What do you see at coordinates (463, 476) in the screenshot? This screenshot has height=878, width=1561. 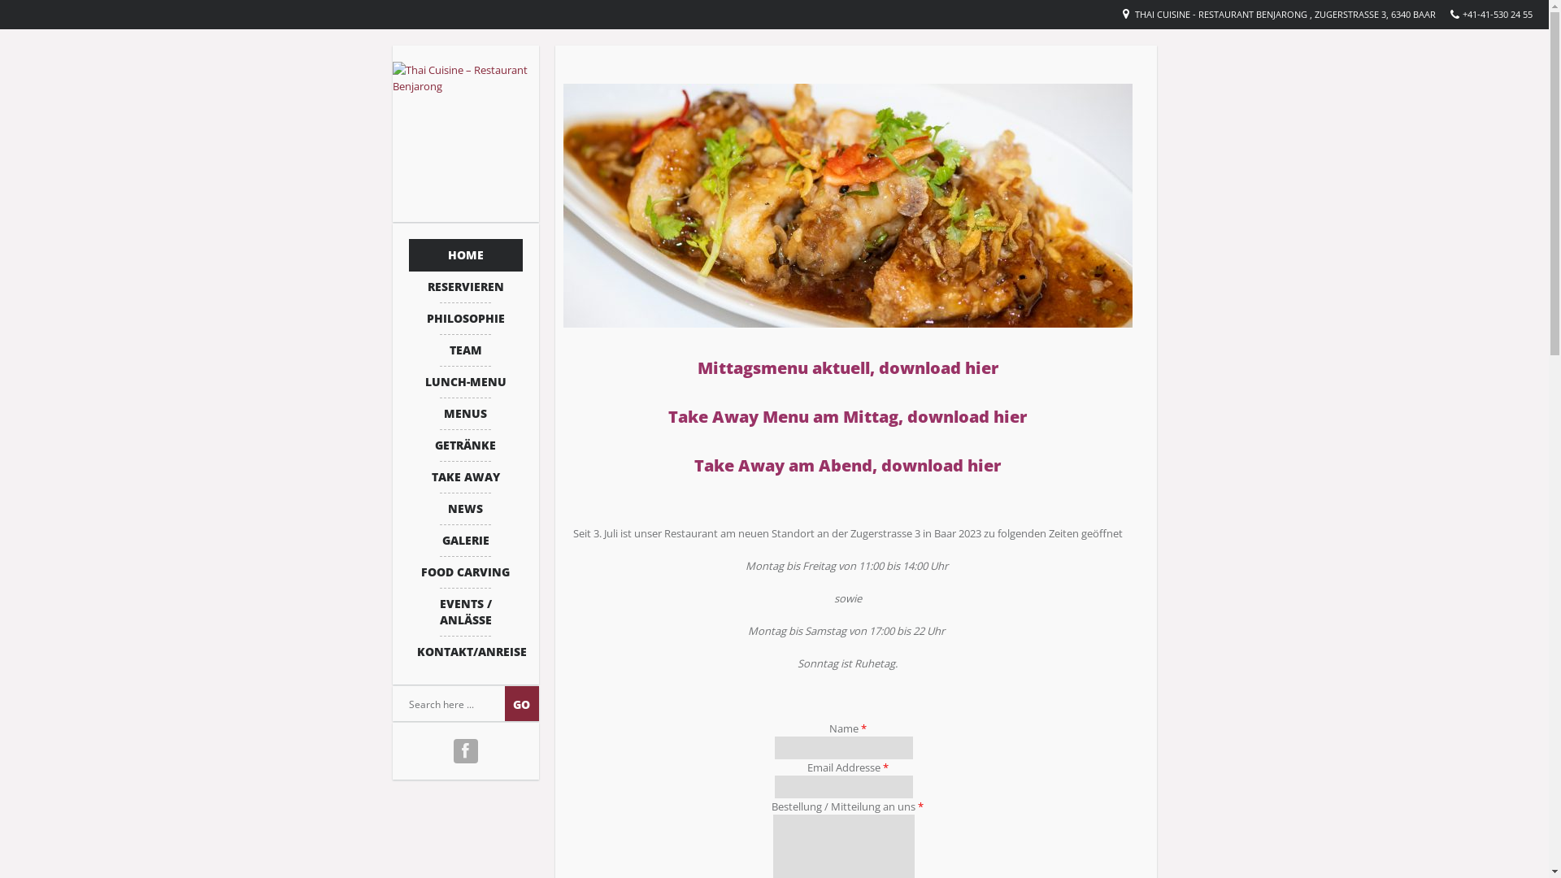 I see `'TAKE AWAY'` at bounding box center [463, 476].